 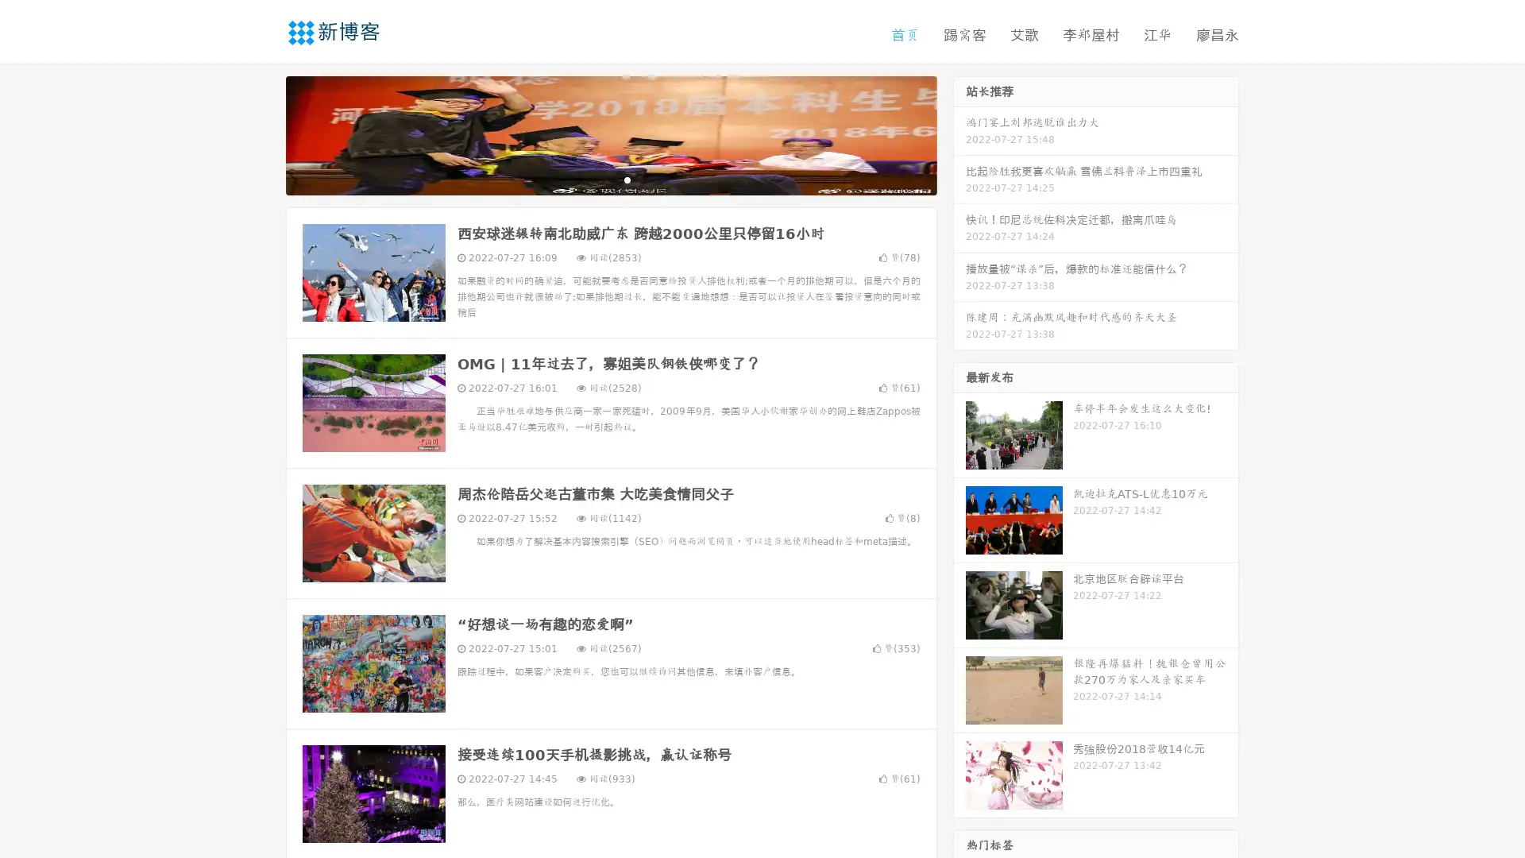 What do you see at coordinates (262, 133) in the screenshot?
I see `Previous slide` at bounding box center [262, 133].